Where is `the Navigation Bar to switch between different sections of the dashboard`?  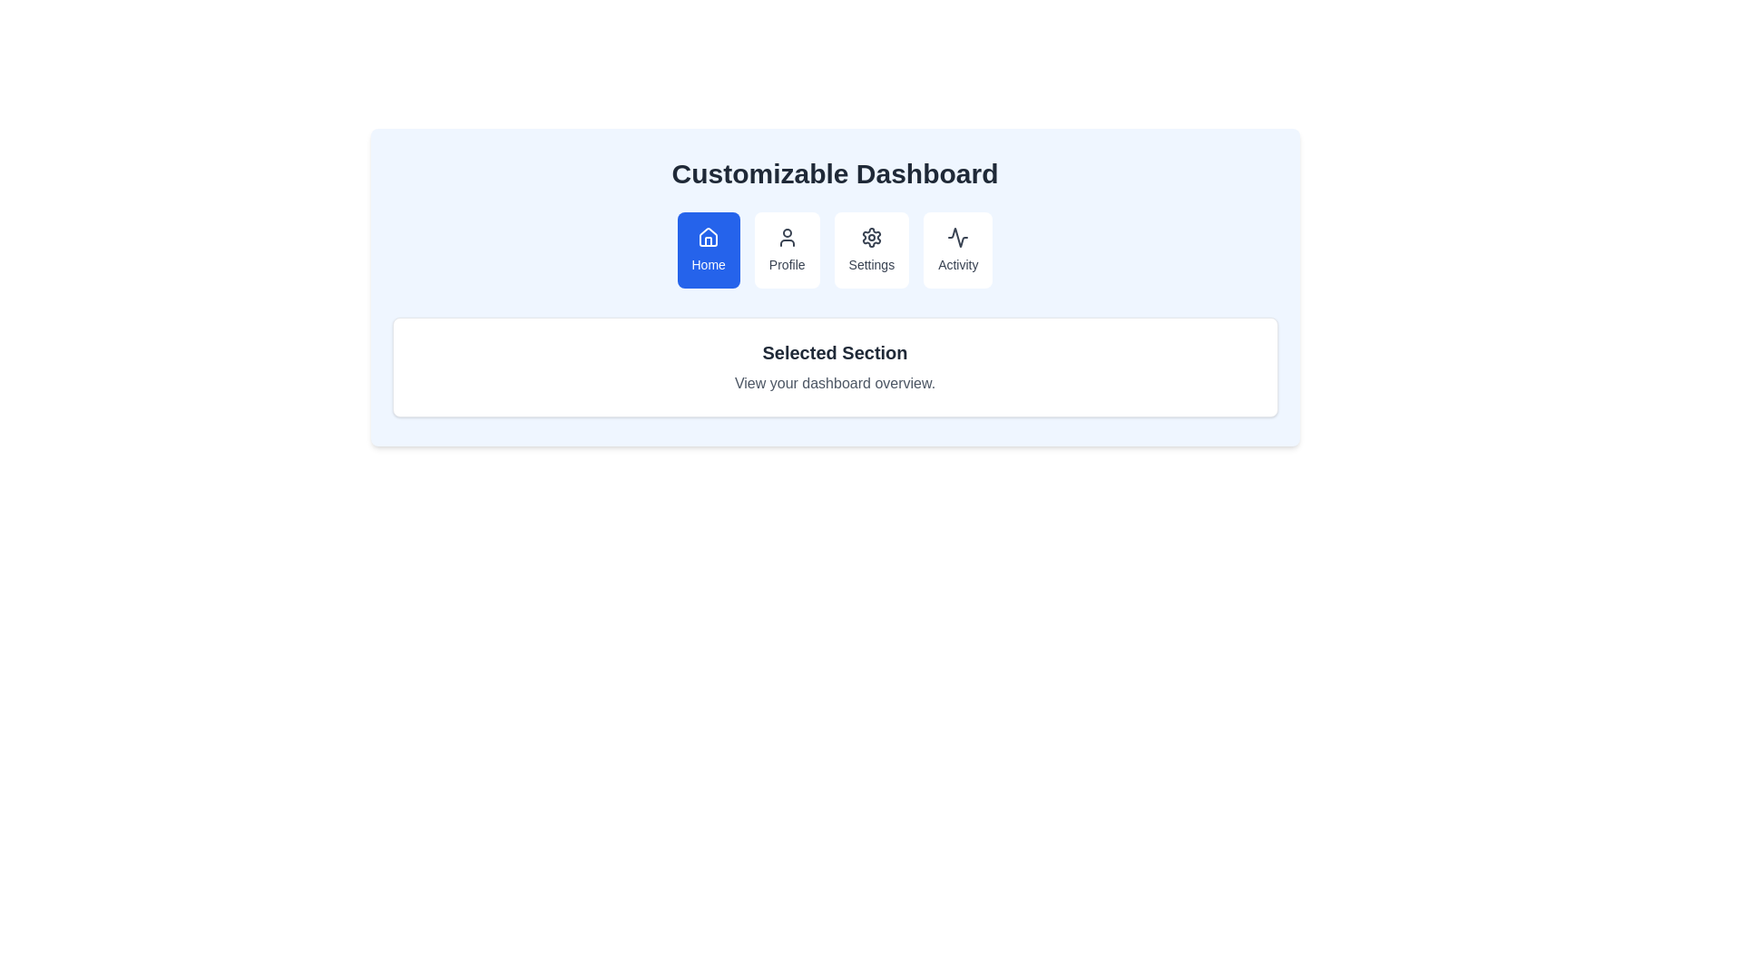 the Navigation Bar to switch between different sections of the dashboard is located at coordinates (834, 250).